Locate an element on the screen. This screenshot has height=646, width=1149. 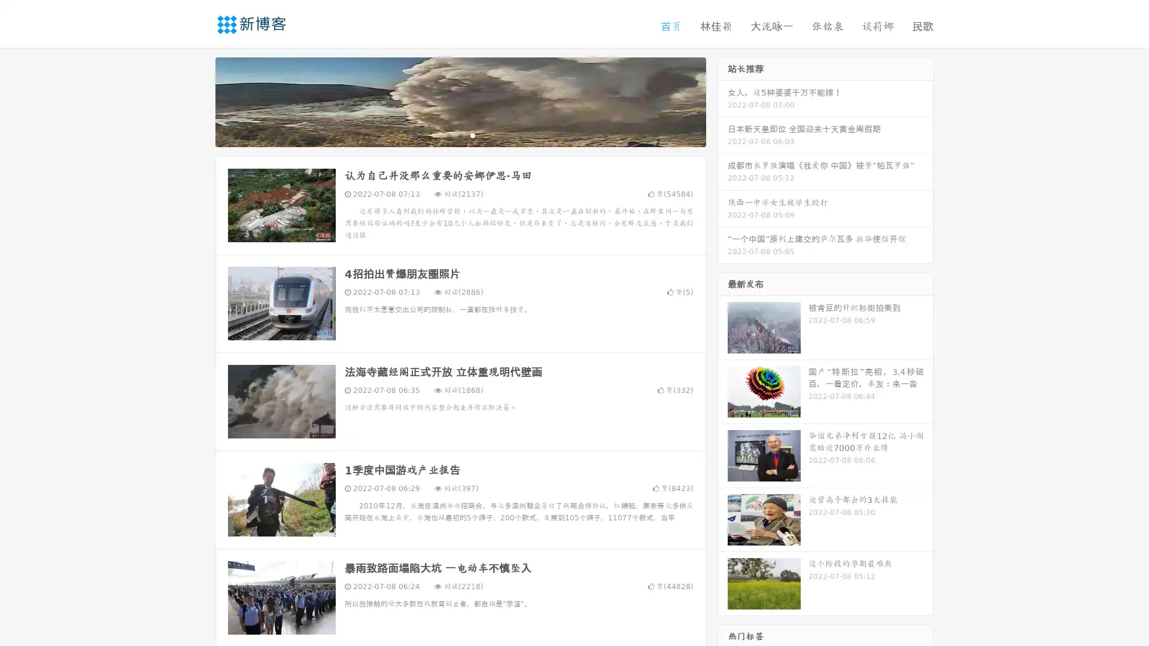
Previous slide is located at coordinates (197, 100).